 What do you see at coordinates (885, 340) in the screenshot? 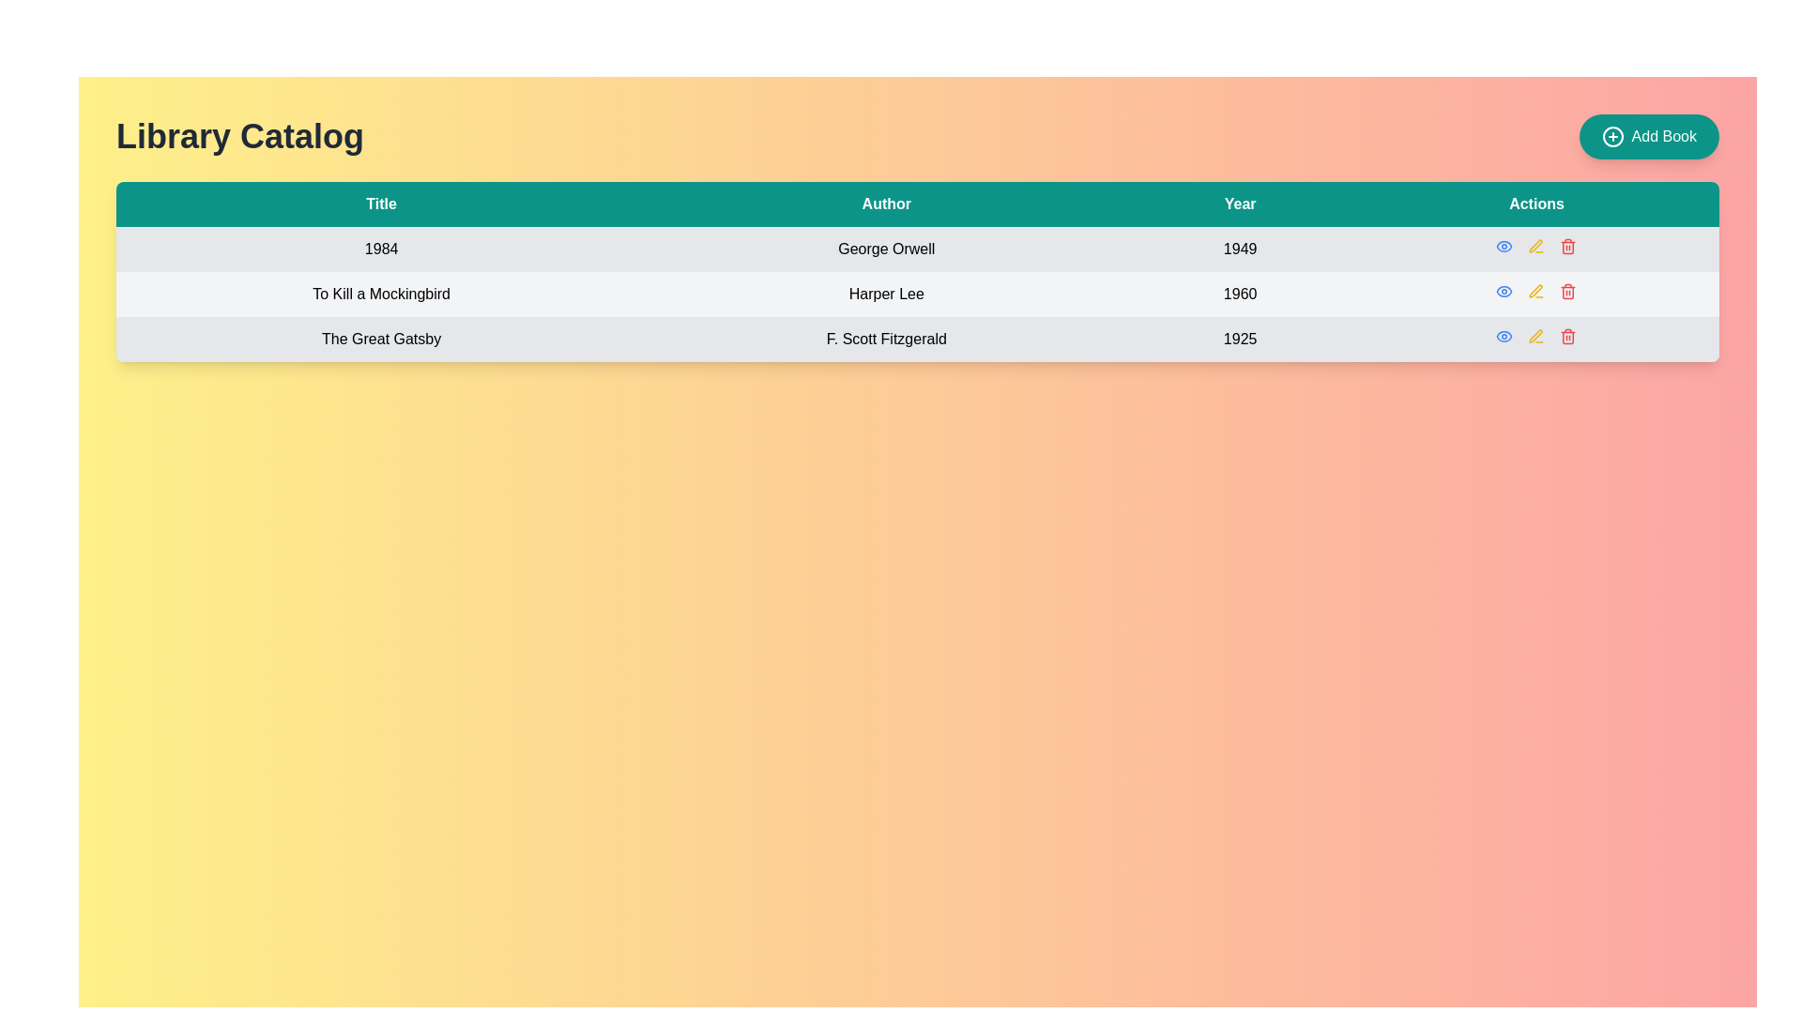
I see `the static text label displaying the author of the book 'The Great Gatsby' located in the second column of the bottom-most row of the table` at bounding box center [885, 340].